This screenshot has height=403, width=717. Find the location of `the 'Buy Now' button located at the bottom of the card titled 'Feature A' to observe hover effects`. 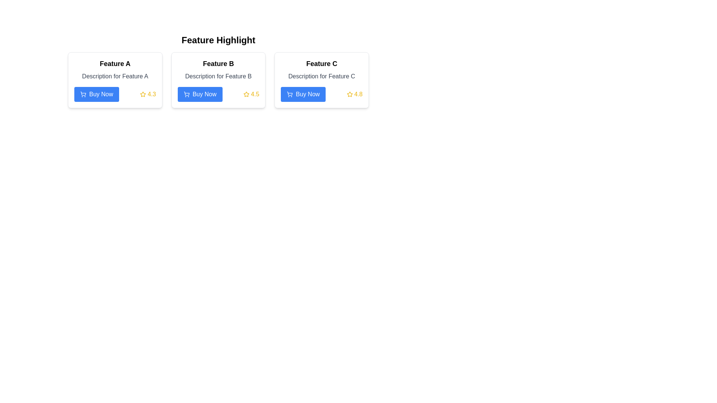

the 'Buy Now' button located at the bottom of the card titled 'Feature A' to observe hover effects is located at coordinates (115, 94).